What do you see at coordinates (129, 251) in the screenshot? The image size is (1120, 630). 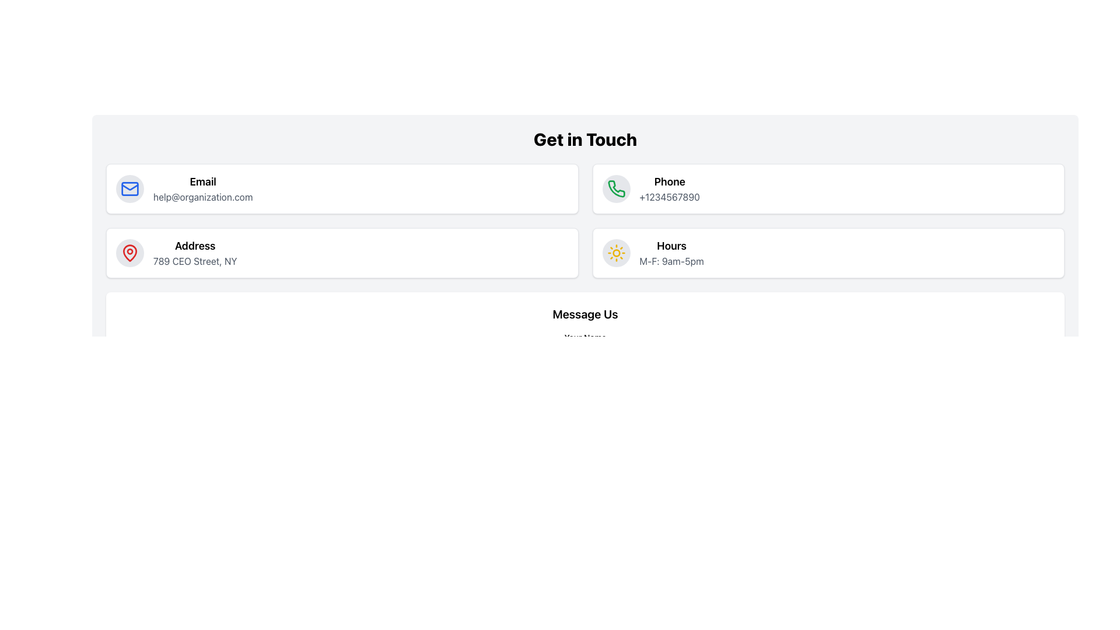 I see `the red-colored map pin icon, which is an SVG graphic located in the 'Address' section of the page, directly below the 'Email' section, and to the left of the 'Address' text` at bounding box center [129, 251].